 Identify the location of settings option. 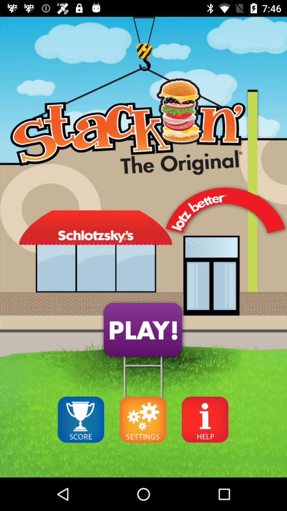
(143, 419).